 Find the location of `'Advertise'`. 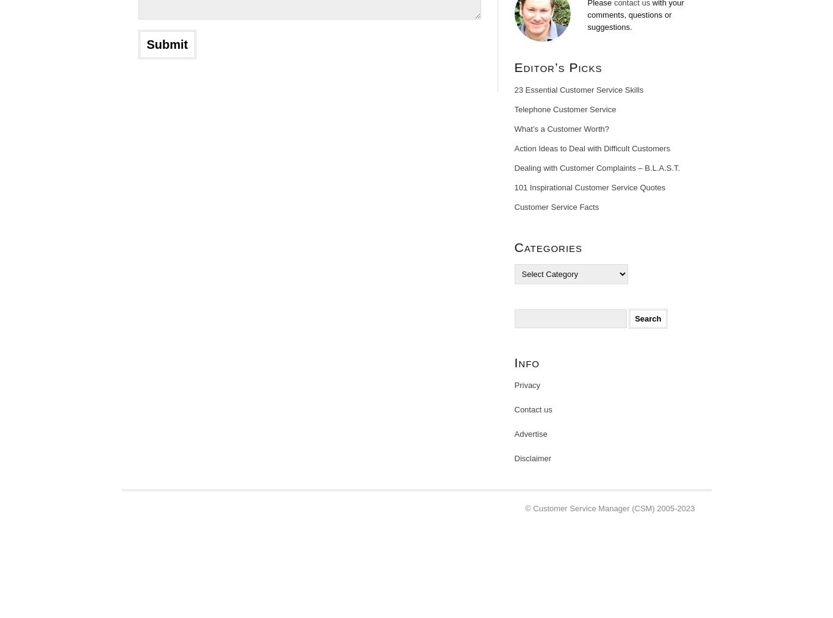

'Advertise' is located at coordinates (530, 434).